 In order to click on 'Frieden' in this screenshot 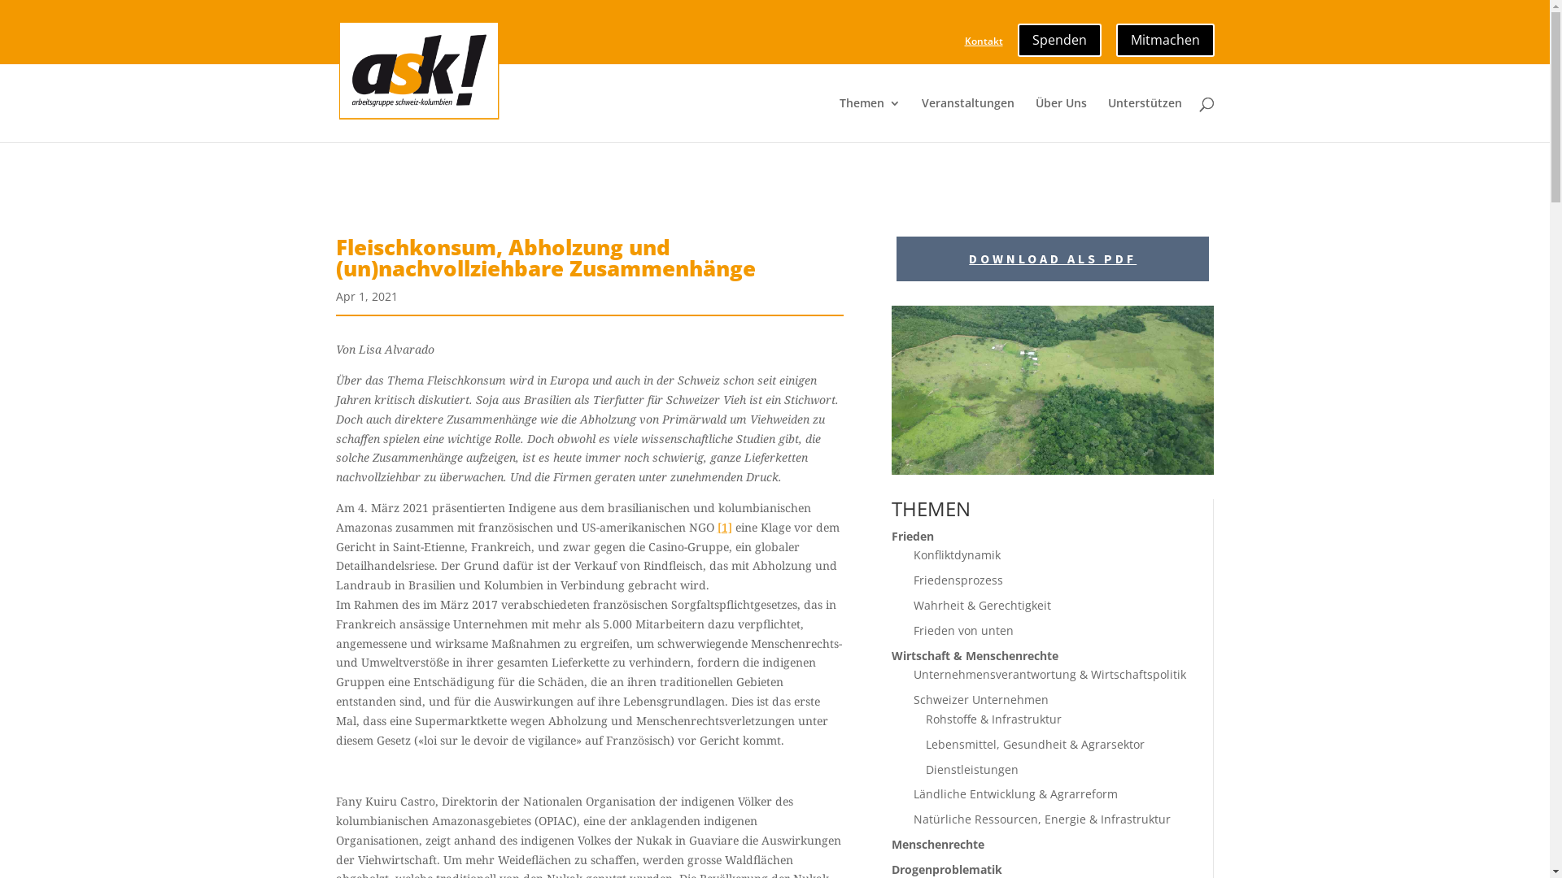, I will do `click(913, 536)`.